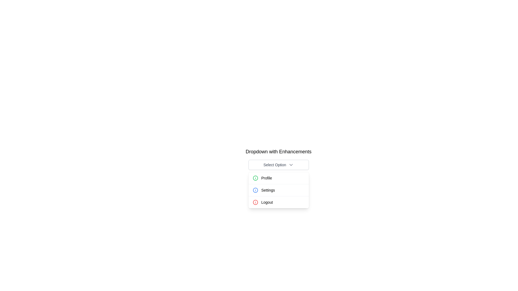 The image size is (518, 291). I want to click on the icon located on the left side of the first row in the 'Profile' dropdown menu, which symbolizes information related to the 'Profile' option, so click(255, 178).